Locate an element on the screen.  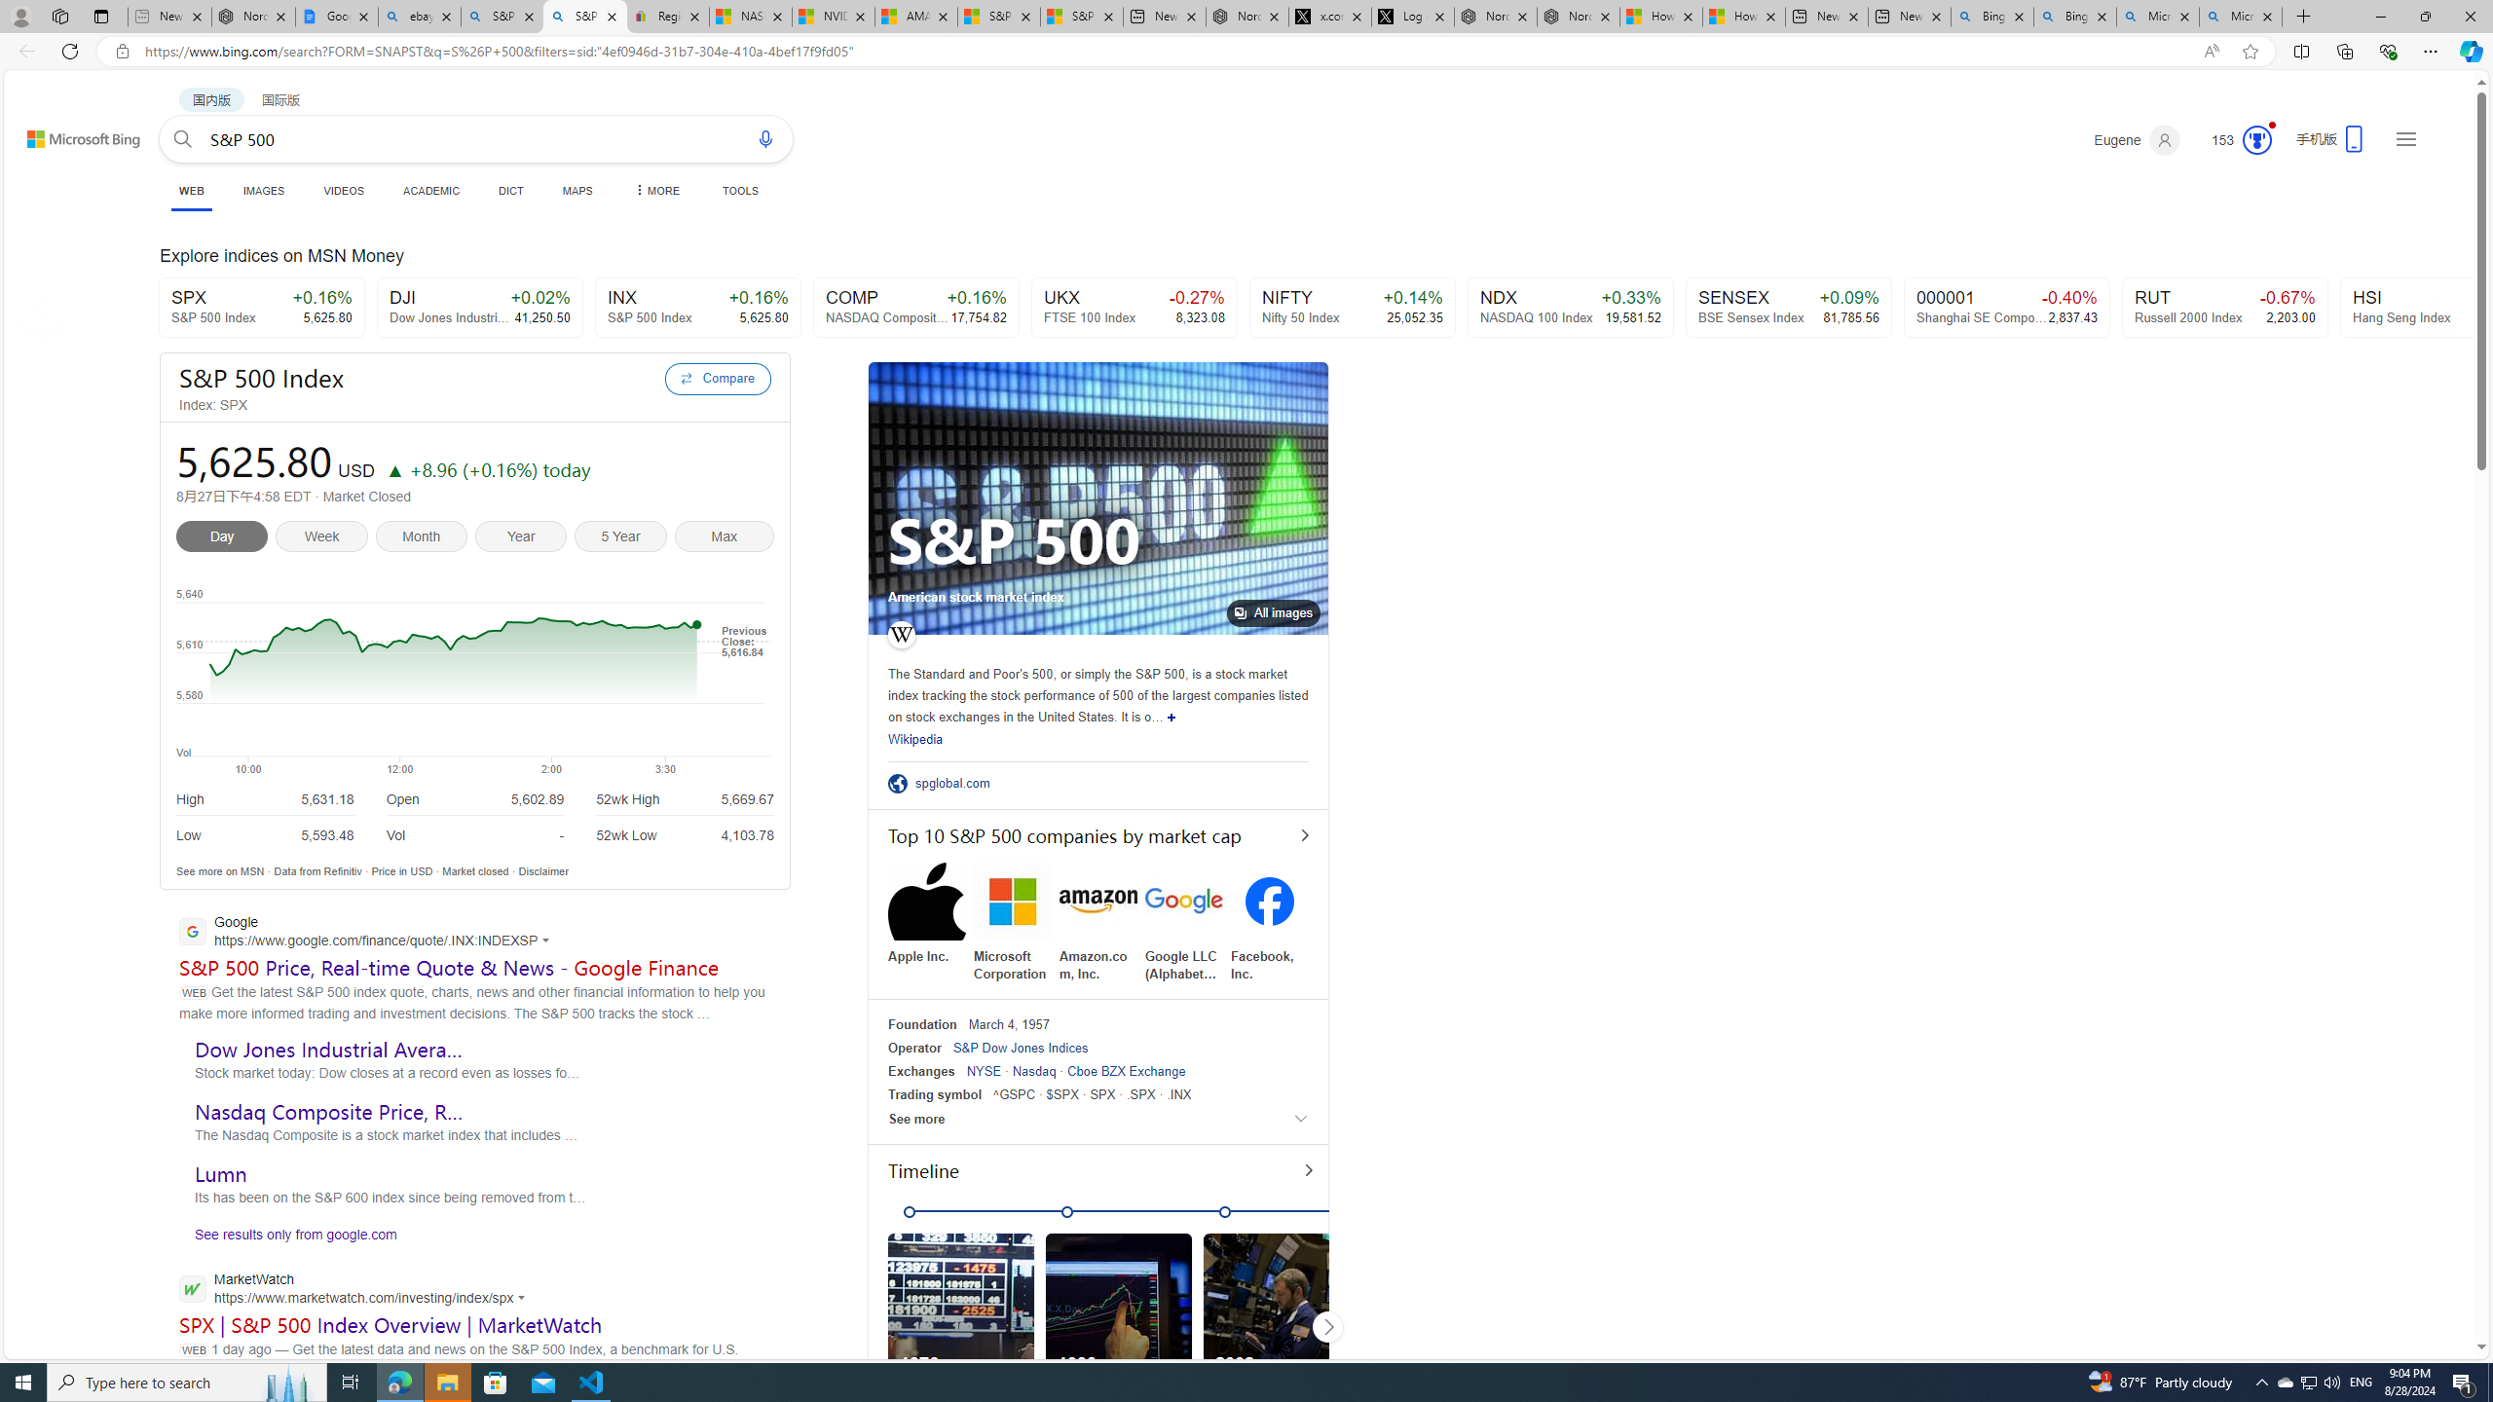
'Skip to content' is located at coordinates (62, 129).